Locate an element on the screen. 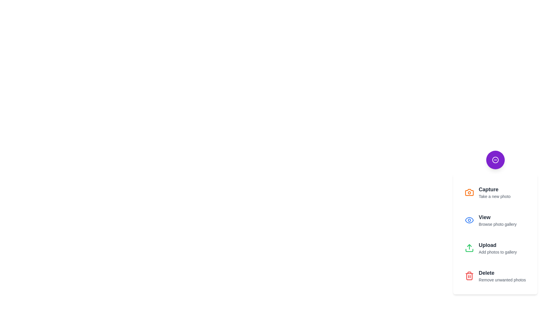 The height and width of the screenshot is (313, 556). the 'Delete' button to remove unwanted photos is located at coordinates (495, 276).